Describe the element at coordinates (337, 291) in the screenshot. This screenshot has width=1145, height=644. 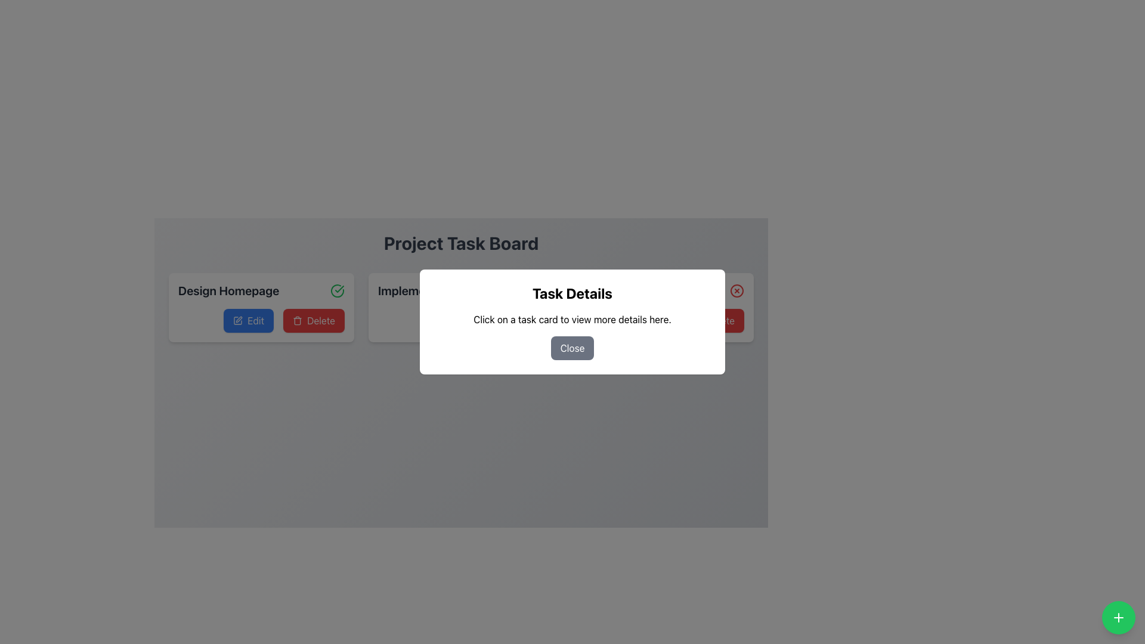
I see `the green checkmark icon within the circular boundary, which represents a confirmation symbol, located to the right of the 'Design Homepage' task label` at that location.